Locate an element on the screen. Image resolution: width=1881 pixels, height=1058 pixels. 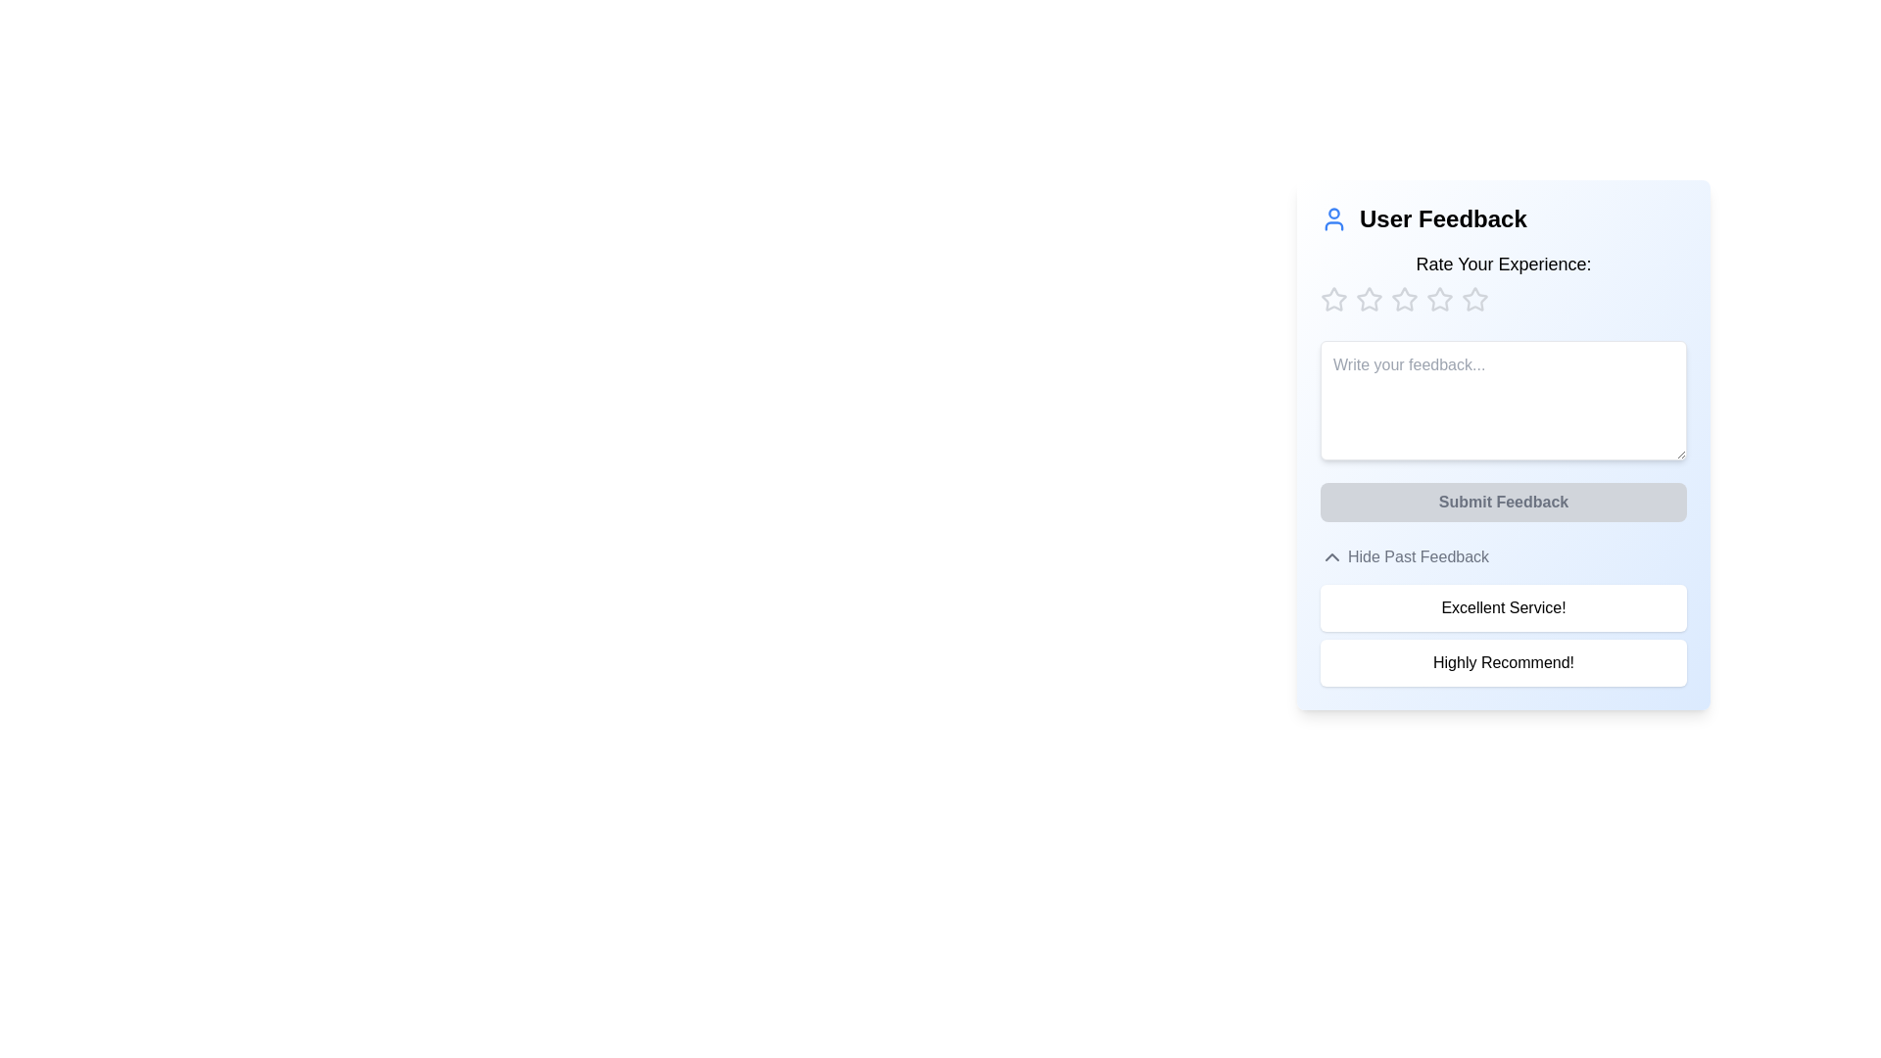
the user profile icon located in the header section of the feedback form, which is positioned immediately to the left of the 'User Feedback' text is located at coordinates (1333, 218).